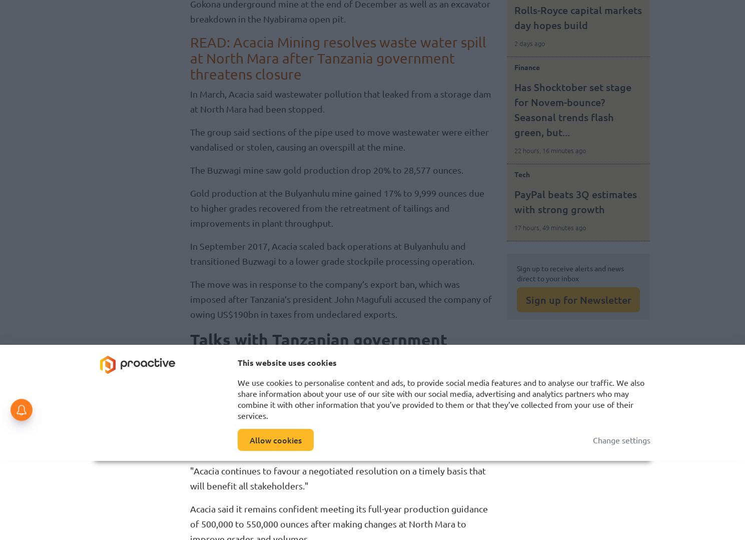 The width and height of the screenshot is (745, 540). Describe the element at coordinates (543, 446) in the screenshot. I see `'Prev article'` at that location.